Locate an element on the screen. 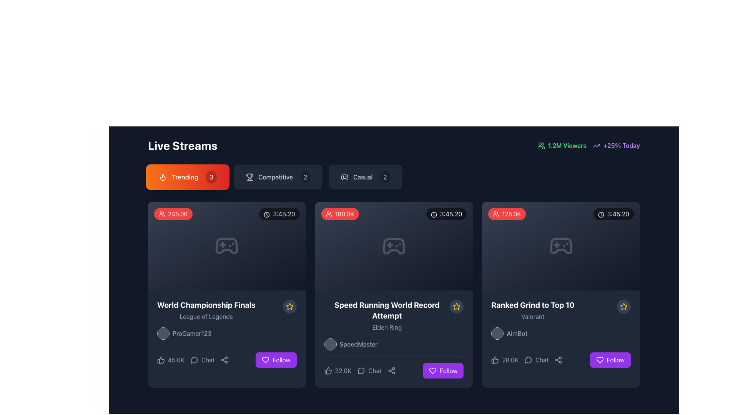  the ellipsoidal red badge containing the text '125.0K' with a group of people icon is located at coordinates (507, 214).